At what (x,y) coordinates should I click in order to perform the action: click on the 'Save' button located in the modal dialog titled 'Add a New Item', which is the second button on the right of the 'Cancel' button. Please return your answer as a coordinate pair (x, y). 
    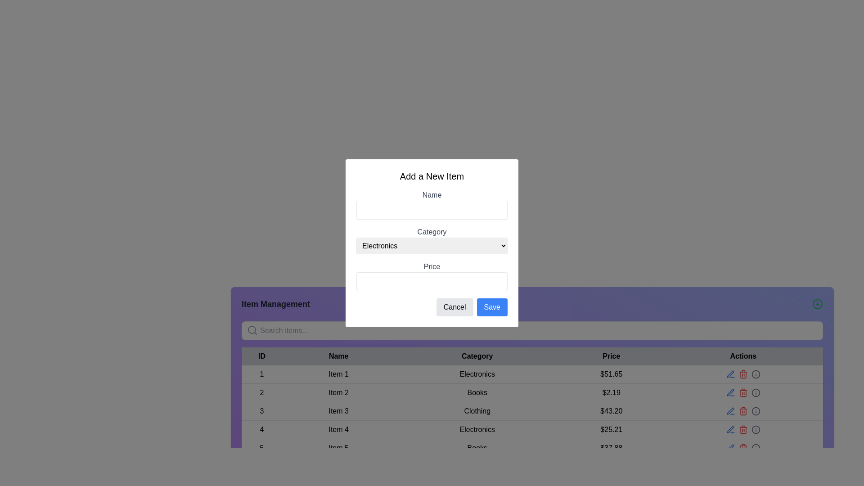
    Looking at the image, I should click on (491, 306).